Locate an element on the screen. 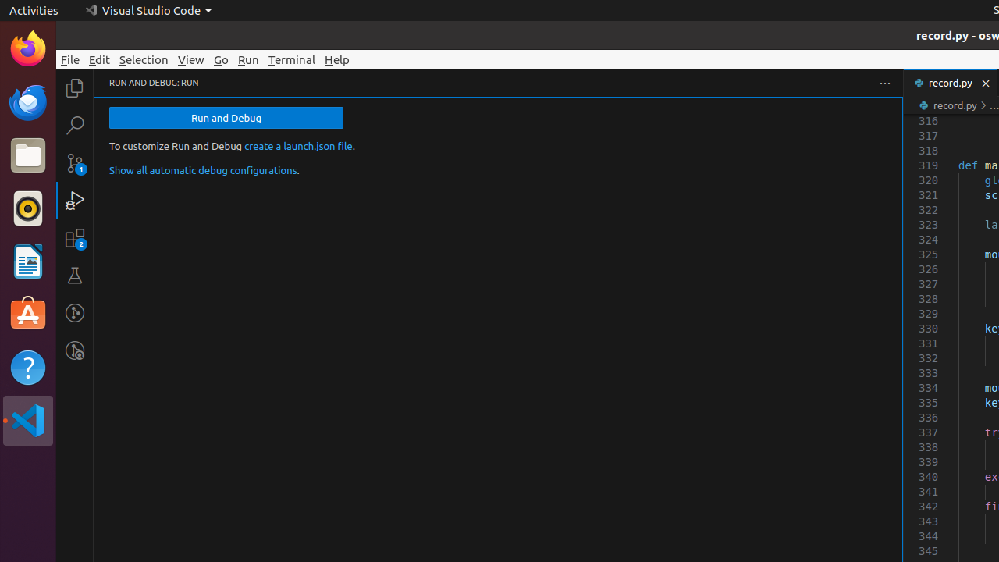 This screenshot has width=999, height=562. 'Selection' is located at coordinates (144, 59).